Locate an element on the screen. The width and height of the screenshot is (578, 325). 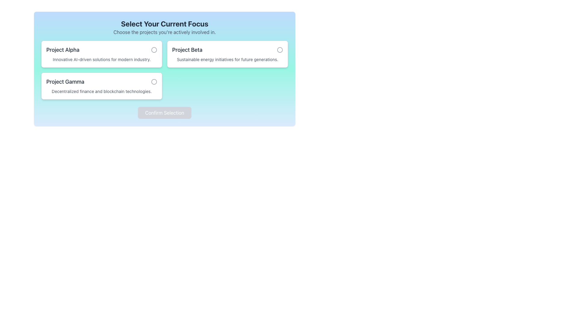
the SVG circle graphical icon located within the card labeled 'Project Gamma', positioned near the right edge of the card and vertically centered is located at coordinates (154, 82).